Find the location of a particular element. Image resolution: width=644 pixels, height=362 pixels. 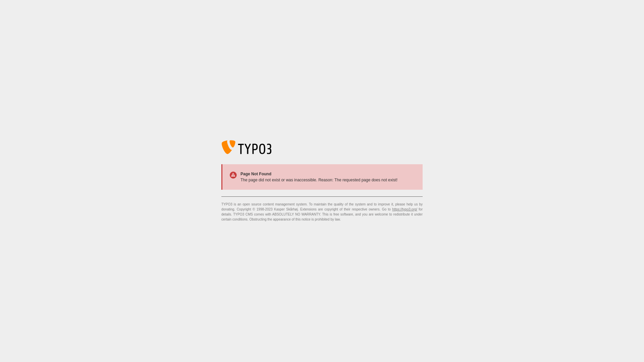

'https://typo3.org/' is located at coordinates (404, 209).